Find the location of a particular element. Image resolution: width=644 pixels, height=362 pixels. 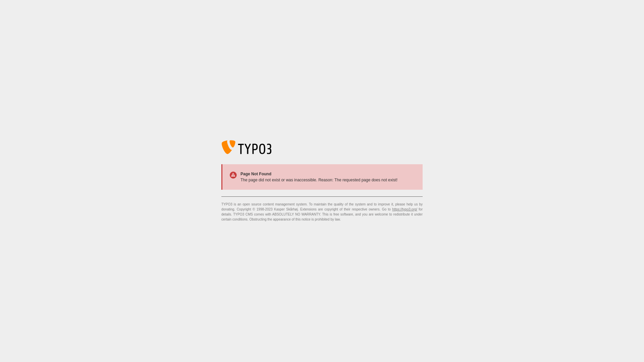

'https://typo3.org/' is located at coordinates (404, 209).